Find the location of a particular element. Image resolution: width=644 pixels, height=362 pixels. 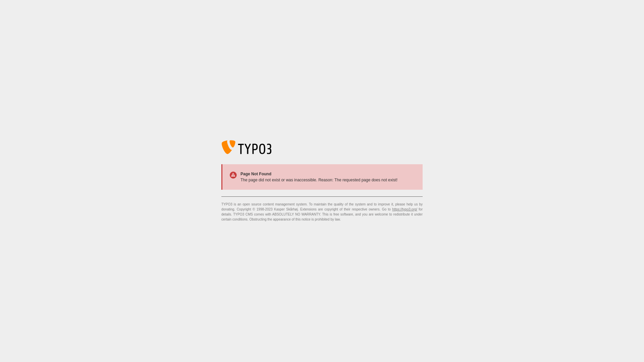

'https://typo3.org/' is located at coordinates (404, 209).